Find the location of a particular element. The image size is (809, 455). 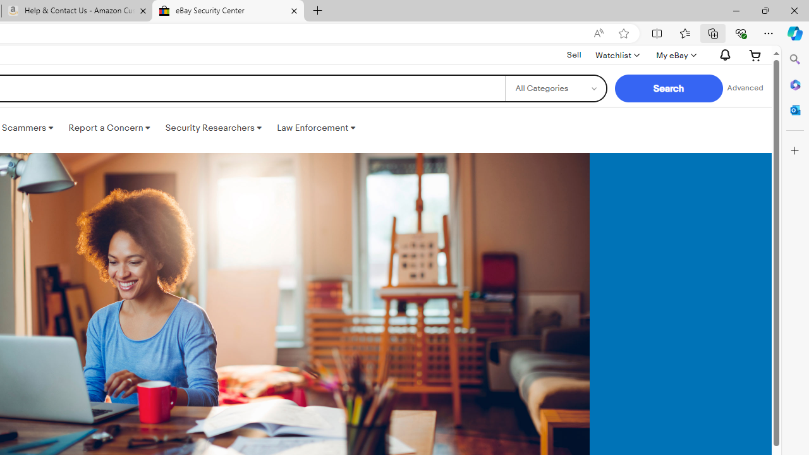

'Watchlist' is located at coordinates (617, 54).